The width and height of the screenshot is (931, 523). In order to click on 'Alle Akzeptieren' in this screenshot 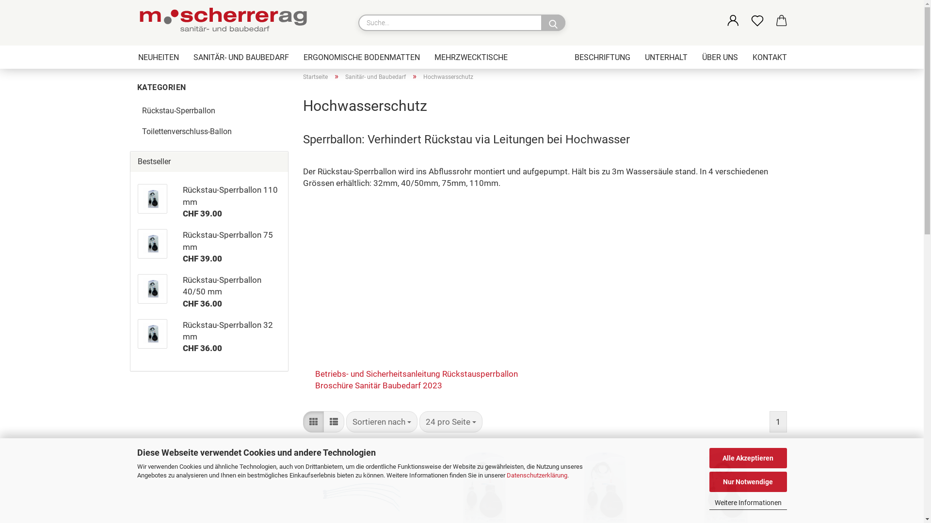, I will do `click(747, 458)`.